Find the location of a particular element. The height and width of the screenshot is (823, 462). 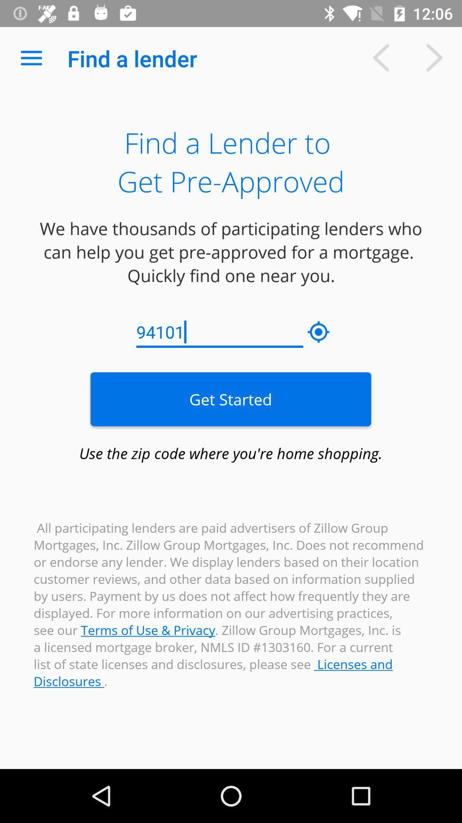

the icon to the left of find a lender app is located at coordinates (31, 58).